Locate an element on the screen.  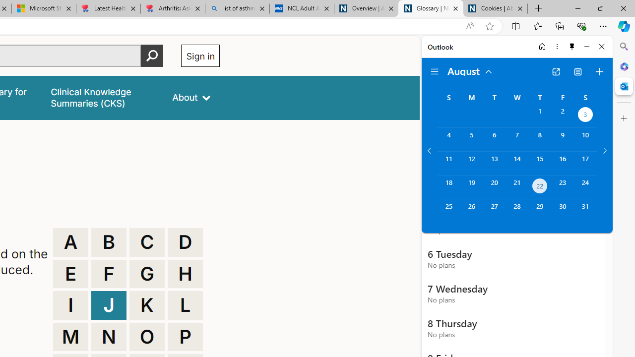
'Saturday, August 24, 2024. ' is located at coordinates (585, 187).